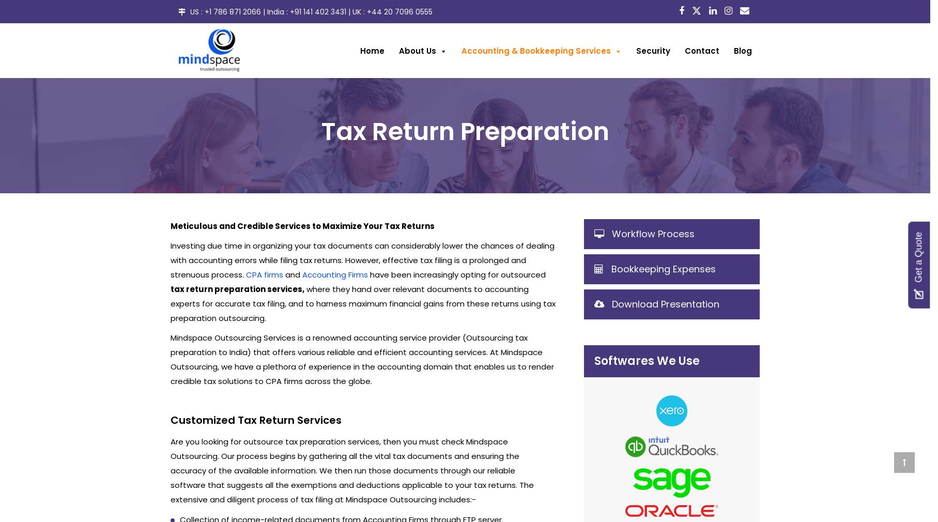 The width and height of the screenshot is (938, 522). What do you see at coordinates (362, 302) in the screenshot?
I see `'where they hand over relevant documents to accounting experts for accurate tax filing, and to harness maximum financial gains from these returns using tax preparation outsourcing.'` at bounding box center [362, 302].